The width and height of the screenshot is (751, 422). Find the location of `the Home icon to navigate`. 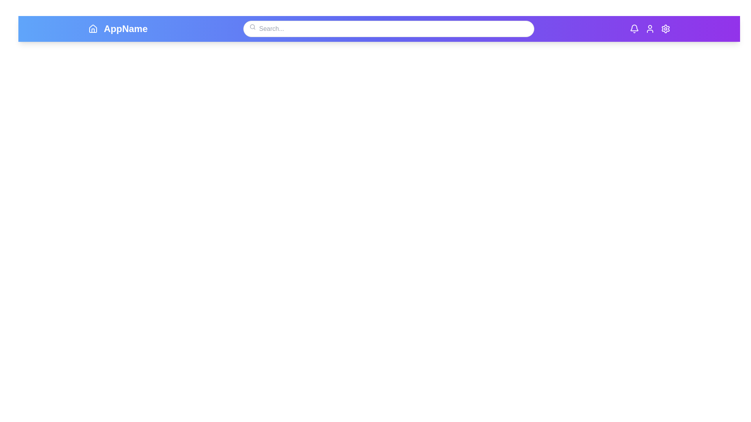

the Home icon to navigate is located at coordinates (93, 28).